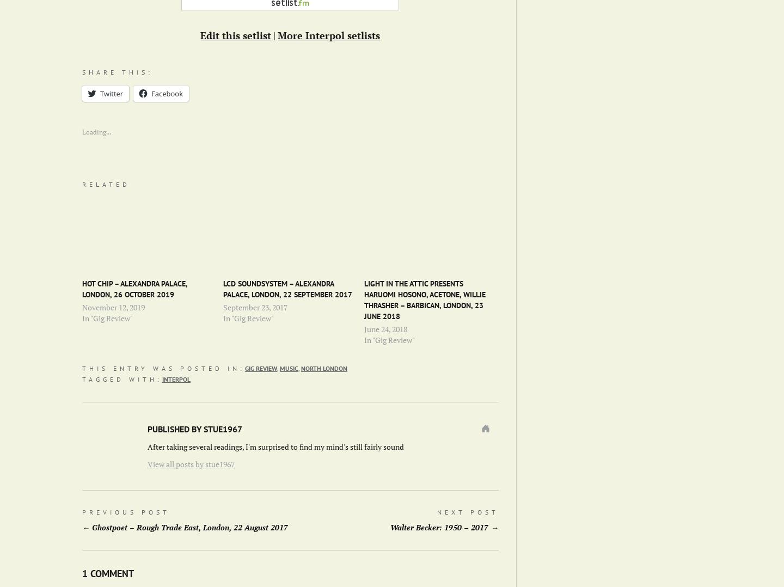 The image size is (784, 587). I want to click on 'North London', so click(324, 368).